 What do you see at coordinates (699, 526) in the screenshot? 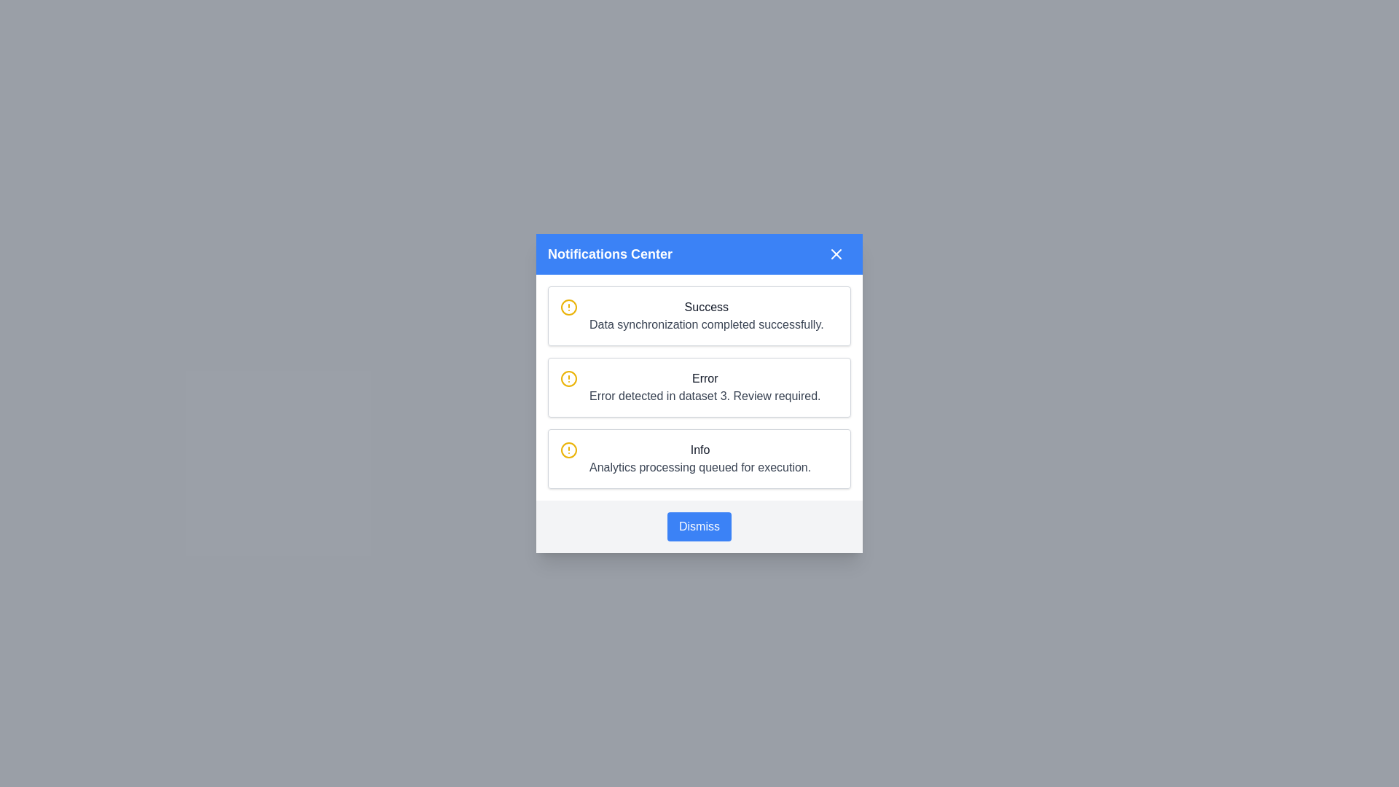
I see `dismiss button in the footer of the notification dialog` at bounding box center [699, 526].